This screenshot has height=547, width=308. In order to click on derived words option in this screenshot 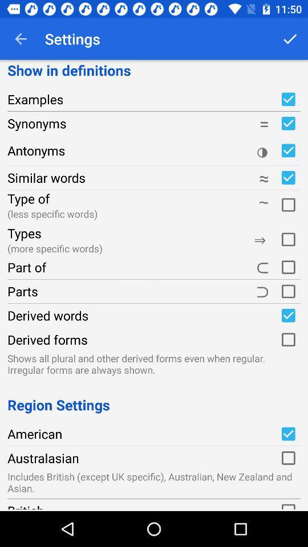, I will do `click(287, 315)`.